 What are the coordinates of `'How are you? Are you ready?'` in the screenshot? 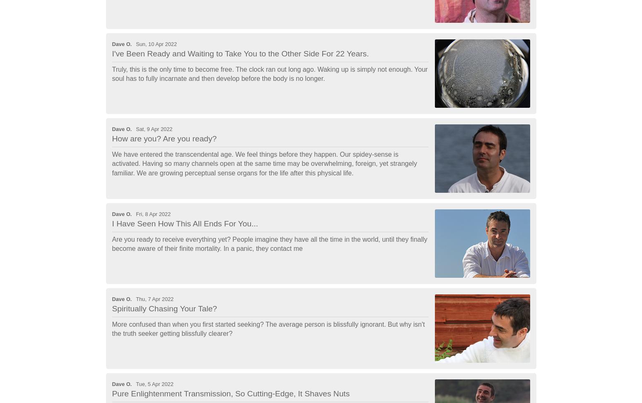 It's located at (164, 138).